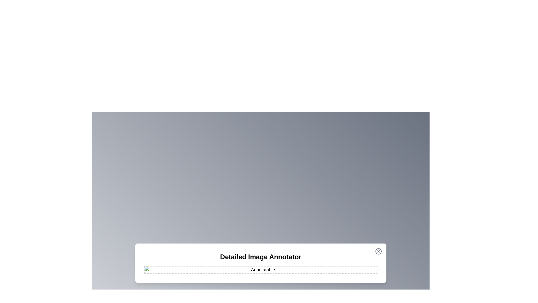 The width and height of the screenshot is (538, 303). What do you see at coordinates (171, 267) in the screenshot?
I see `the image at coordinates (613, 954) to add an annotation` at bounding box center [171, 267].